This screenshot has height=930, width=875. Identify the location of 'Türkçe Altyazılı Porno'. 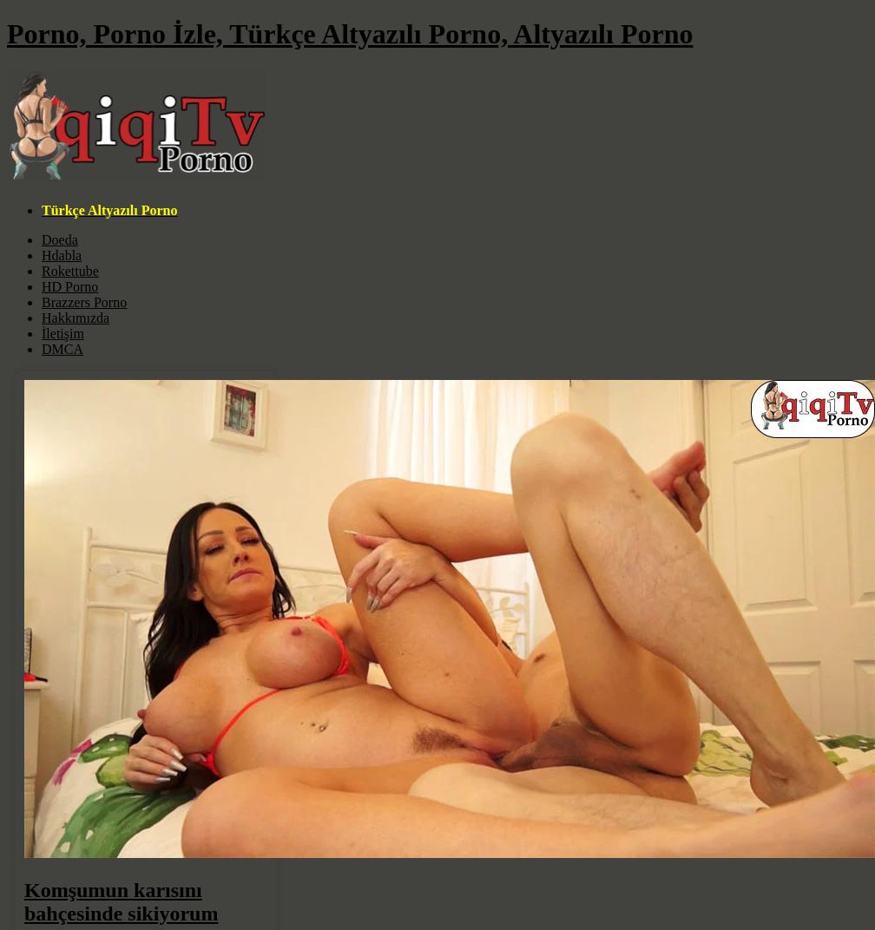
(41, 209).